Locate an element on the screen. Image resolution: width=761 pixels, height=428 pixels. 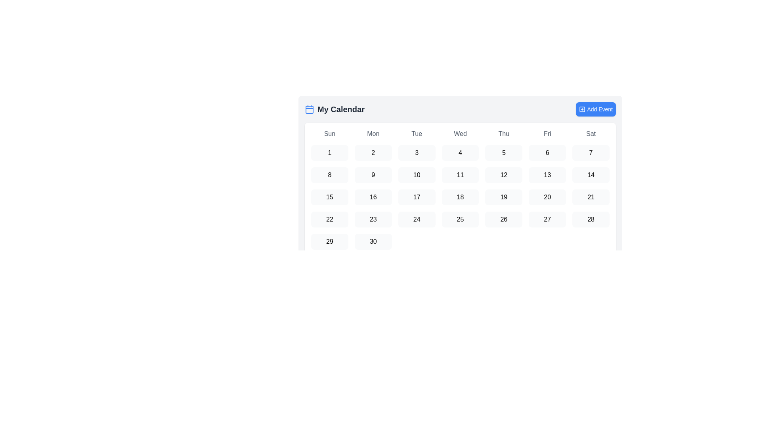
the 'Add Event' button located at the top-right corner of the calendar interface, which contains a graphic element representing a plus symbol is located at coordinates (582, 109).